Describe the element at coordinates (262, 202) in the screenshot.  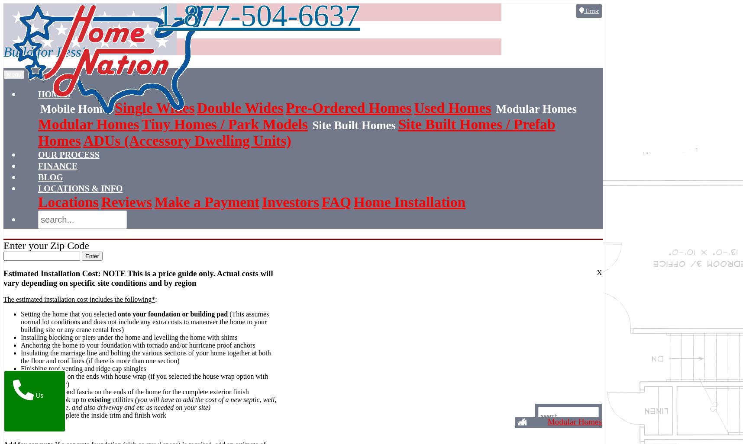
I see `'Investors'` at that location.